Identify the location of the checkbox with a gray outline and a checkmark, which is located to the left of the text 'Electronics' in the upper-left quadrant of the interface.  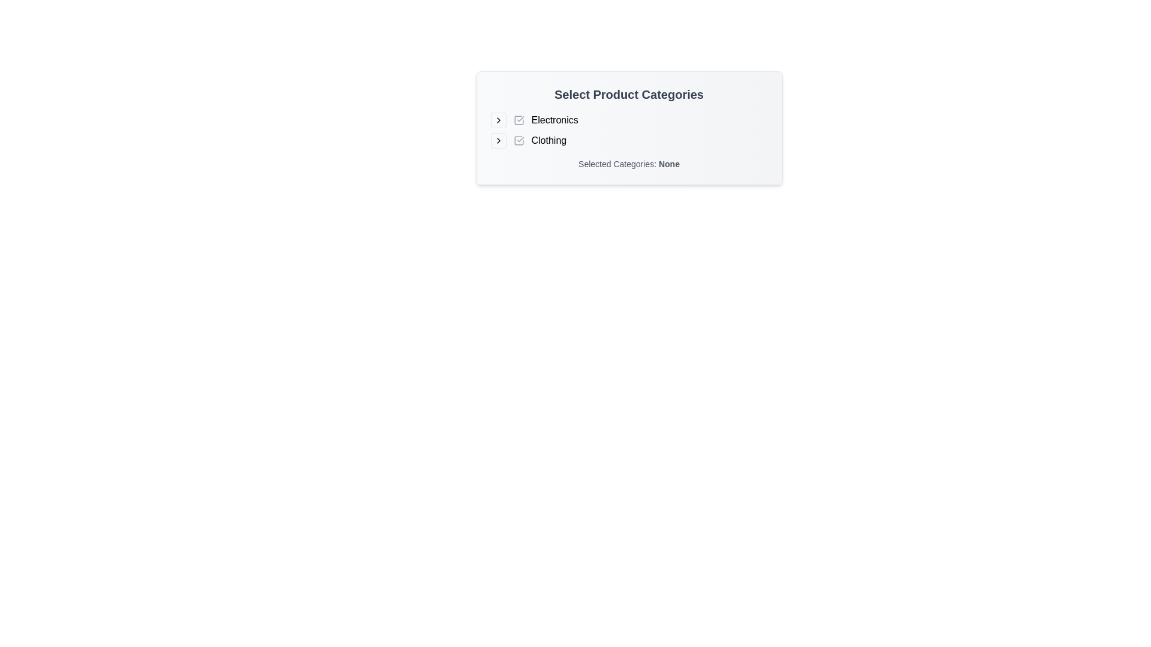
(519, 120).